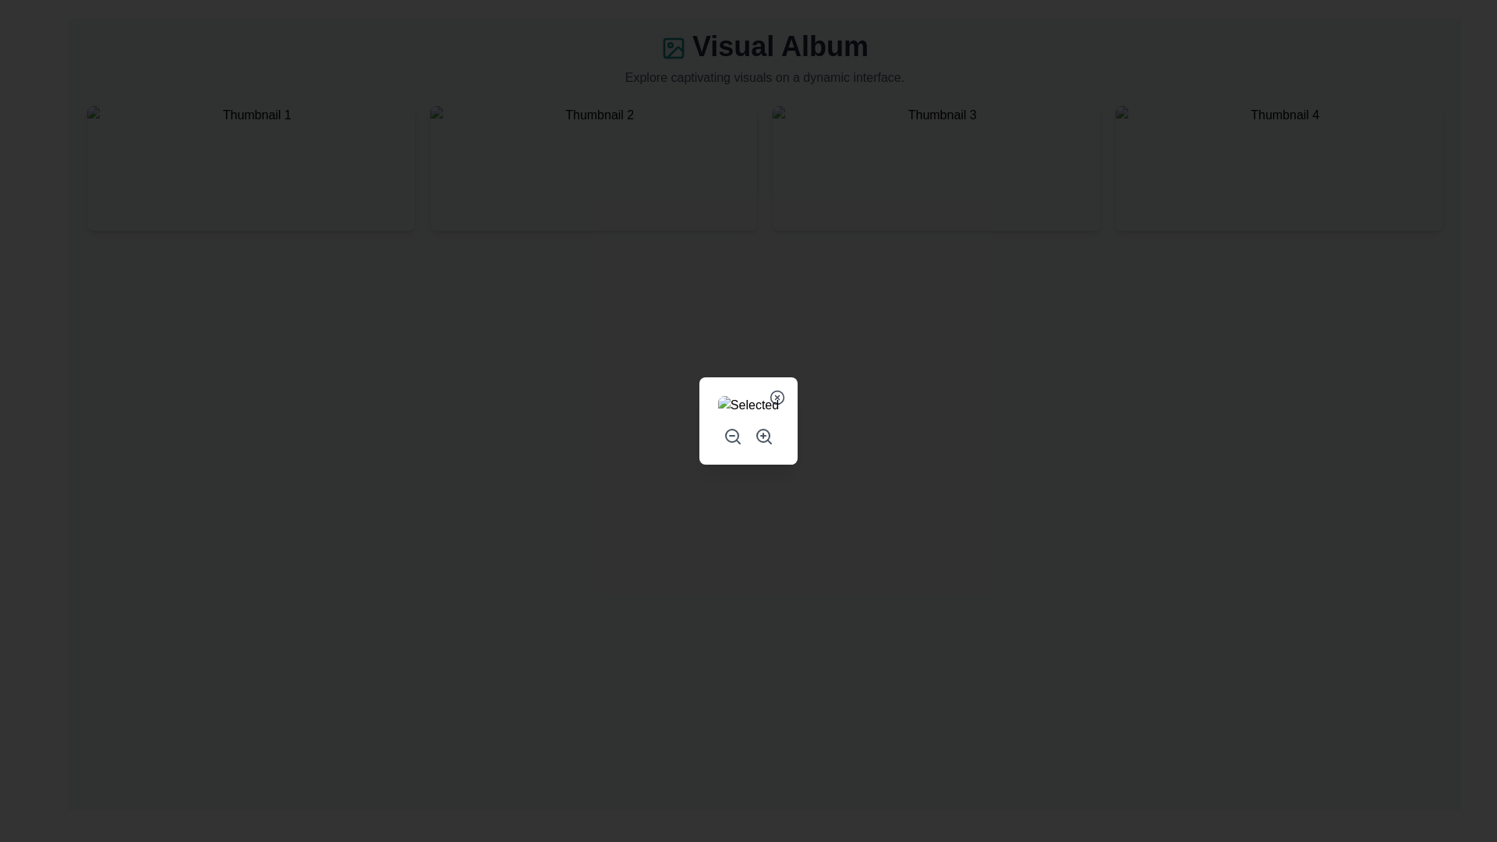 Image resolution: width=1497 pixels, height=842 pixels. What do you see at coordinates (732, 436) in the screenshot?
I see `the zoom out button, which is the first icon in the horizontal arrangement of two icons located at the bottom of the interaction panel` at bounding box center [732, 436].